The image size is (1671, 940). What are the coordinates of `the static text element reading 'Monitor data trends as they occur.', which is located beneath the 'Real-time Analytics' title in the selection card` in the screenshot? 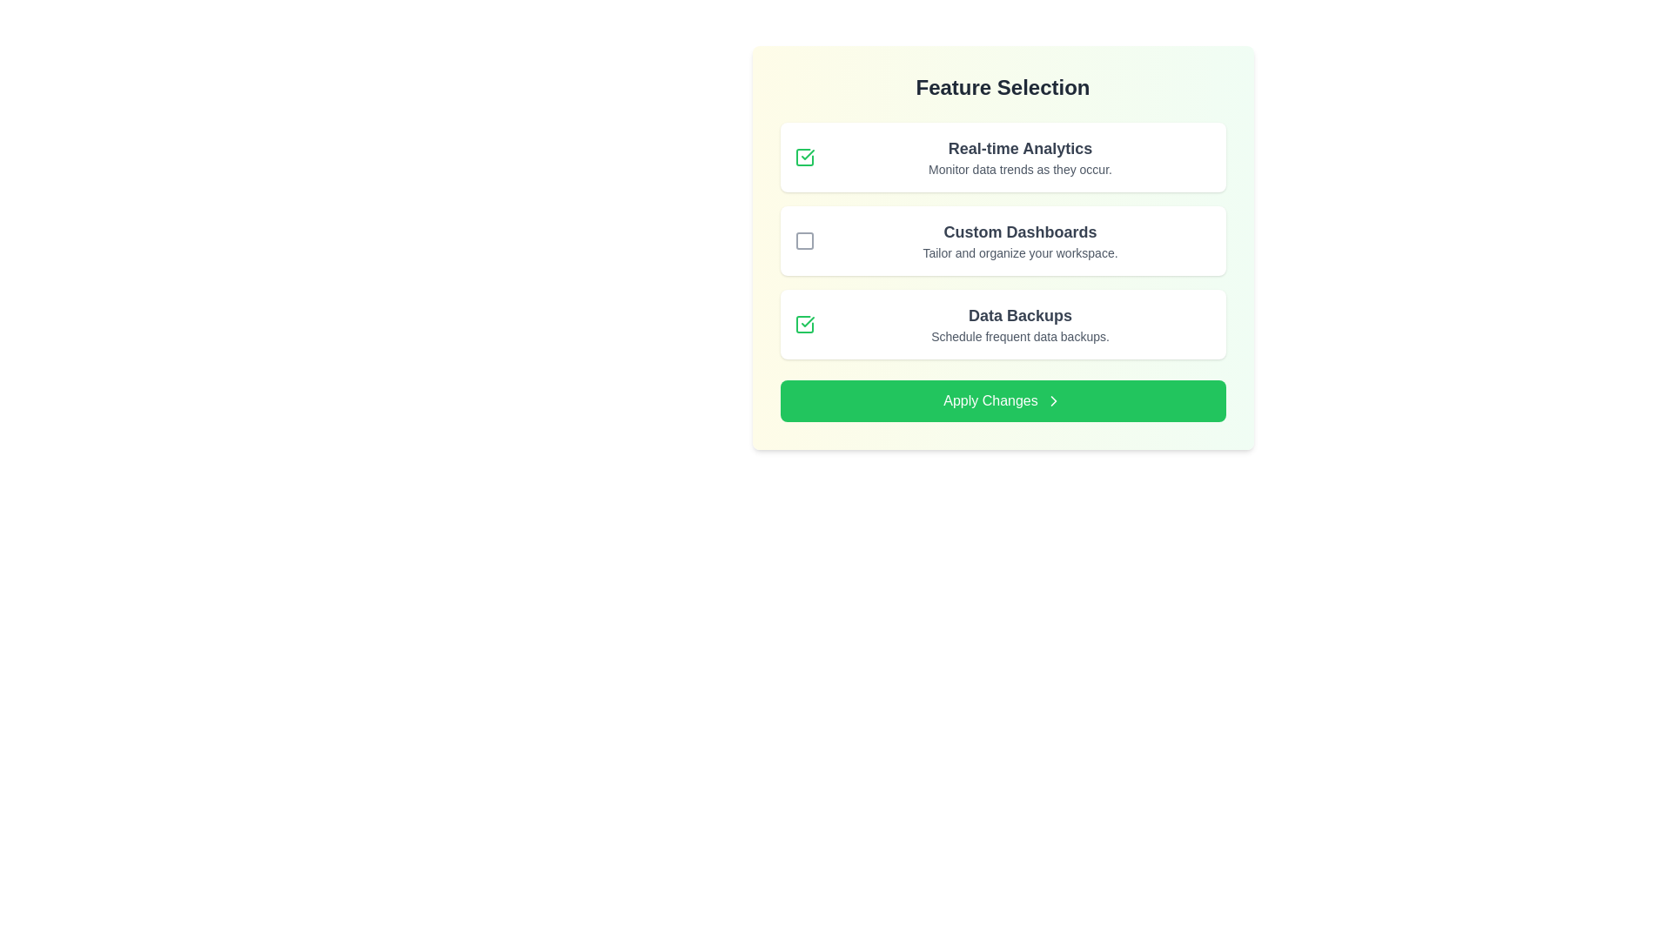 It's located at (1020, 170).